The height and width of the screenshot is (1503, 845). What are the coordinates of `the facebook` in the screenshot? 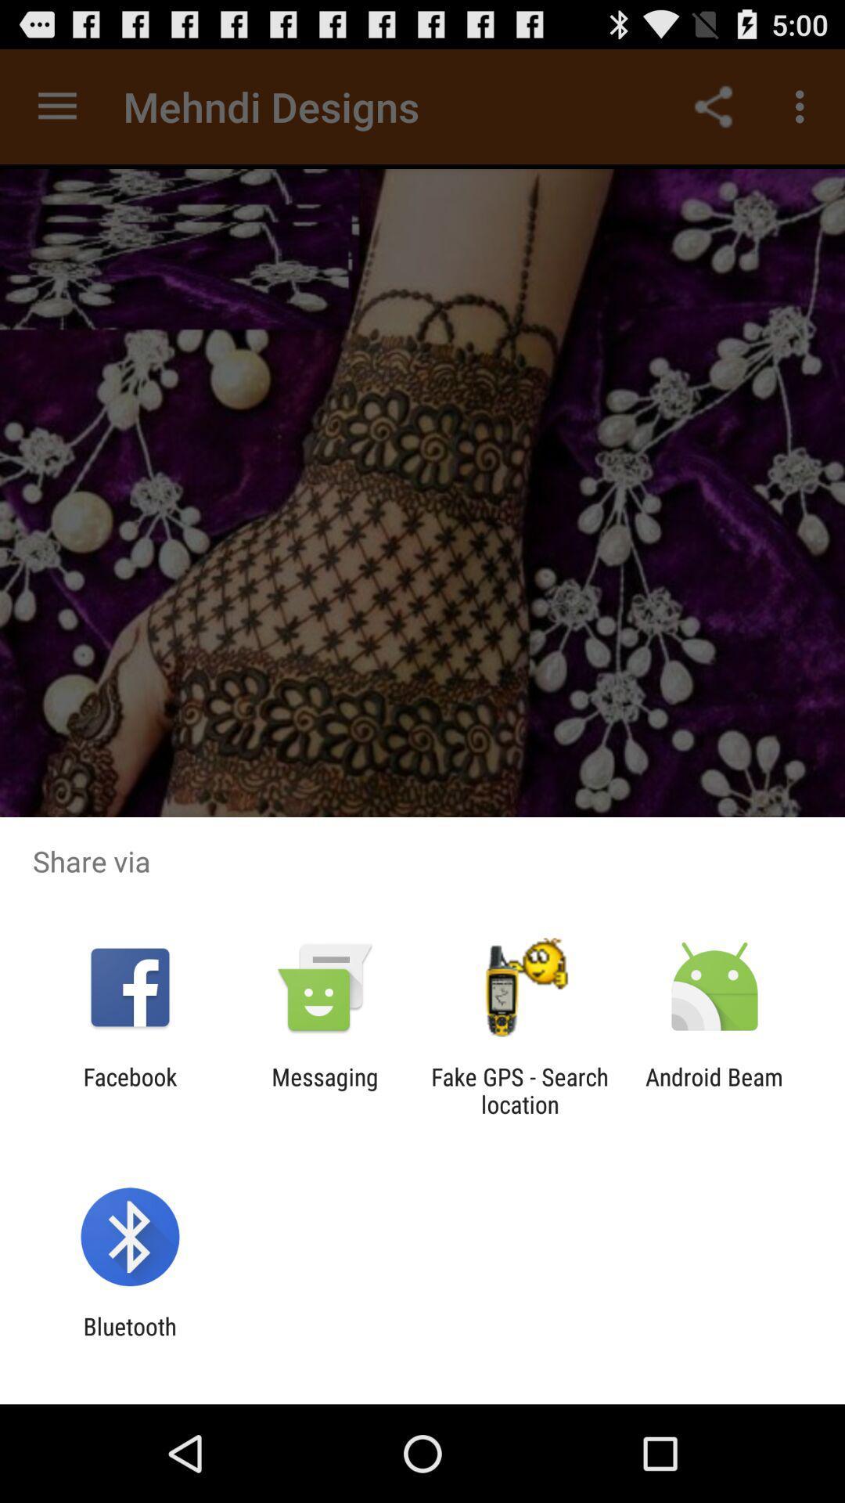 It's located at (129, 1090).